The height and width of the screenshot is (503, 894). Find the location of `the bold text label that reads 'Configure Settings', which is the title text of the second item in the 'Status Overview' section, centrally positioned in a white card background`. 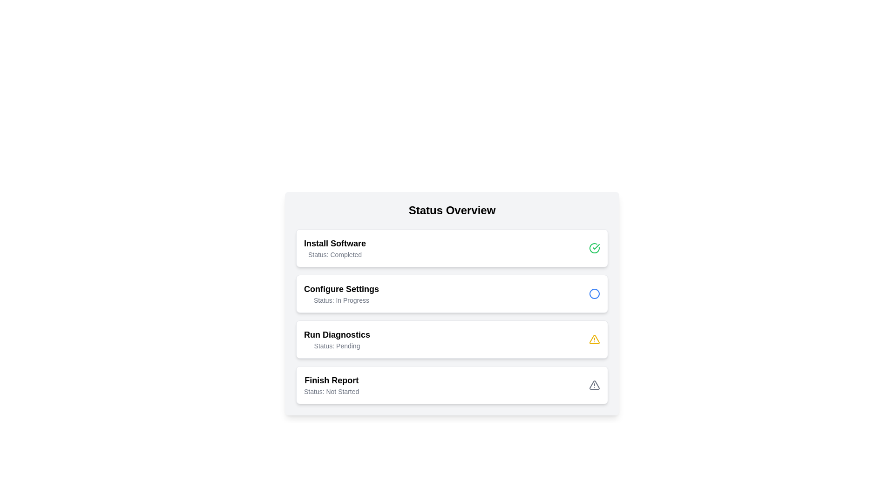

the bold text label that reads 'Configure Settings', which is the title text of the second item in the 'Status Overview' section, centrally positioned in a white card background is located at coordinates (341, 289).